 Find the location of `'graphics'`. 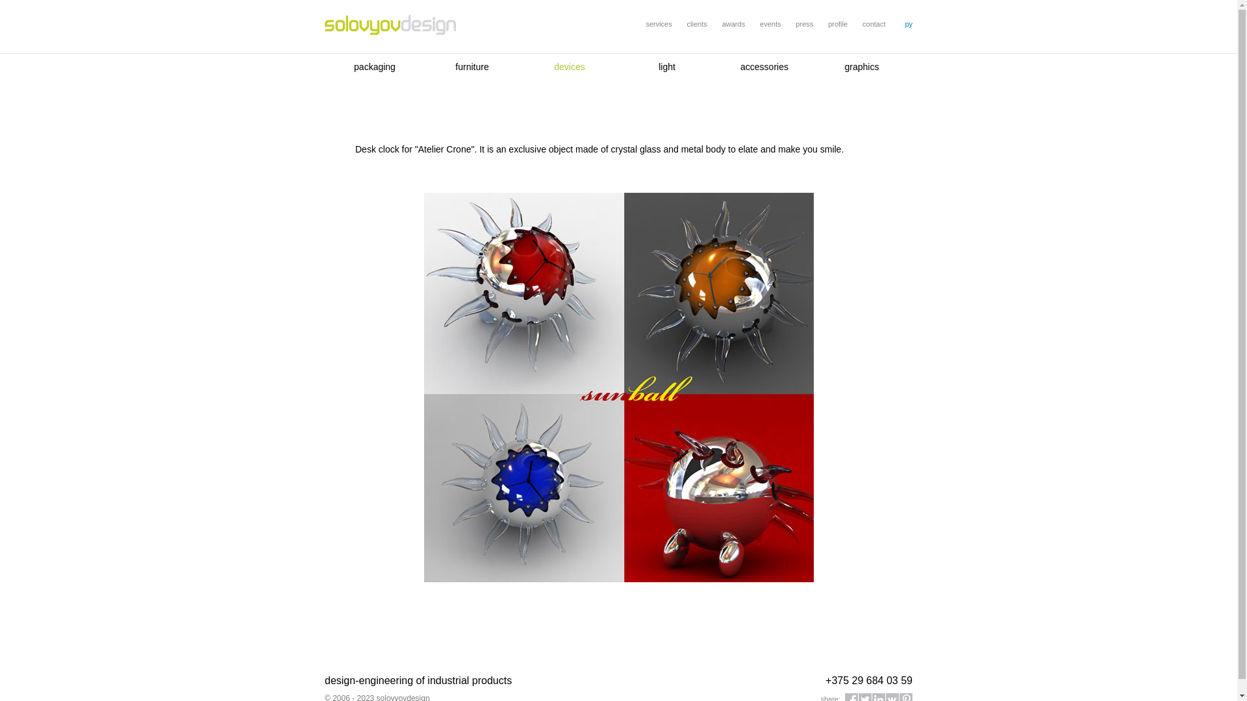

'graphics' is located at coordinates (862, 67).